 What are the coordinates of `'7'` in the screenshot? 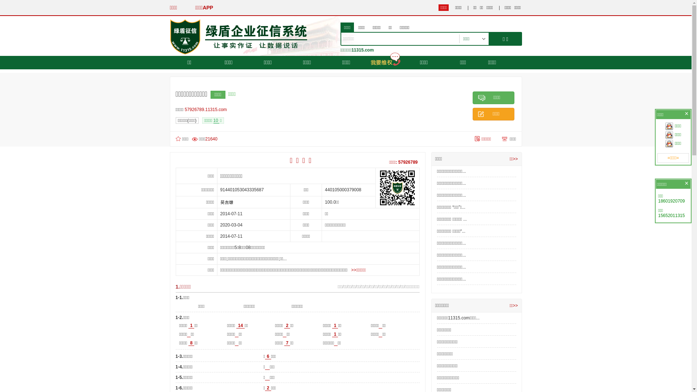 It's located at (287, 343).